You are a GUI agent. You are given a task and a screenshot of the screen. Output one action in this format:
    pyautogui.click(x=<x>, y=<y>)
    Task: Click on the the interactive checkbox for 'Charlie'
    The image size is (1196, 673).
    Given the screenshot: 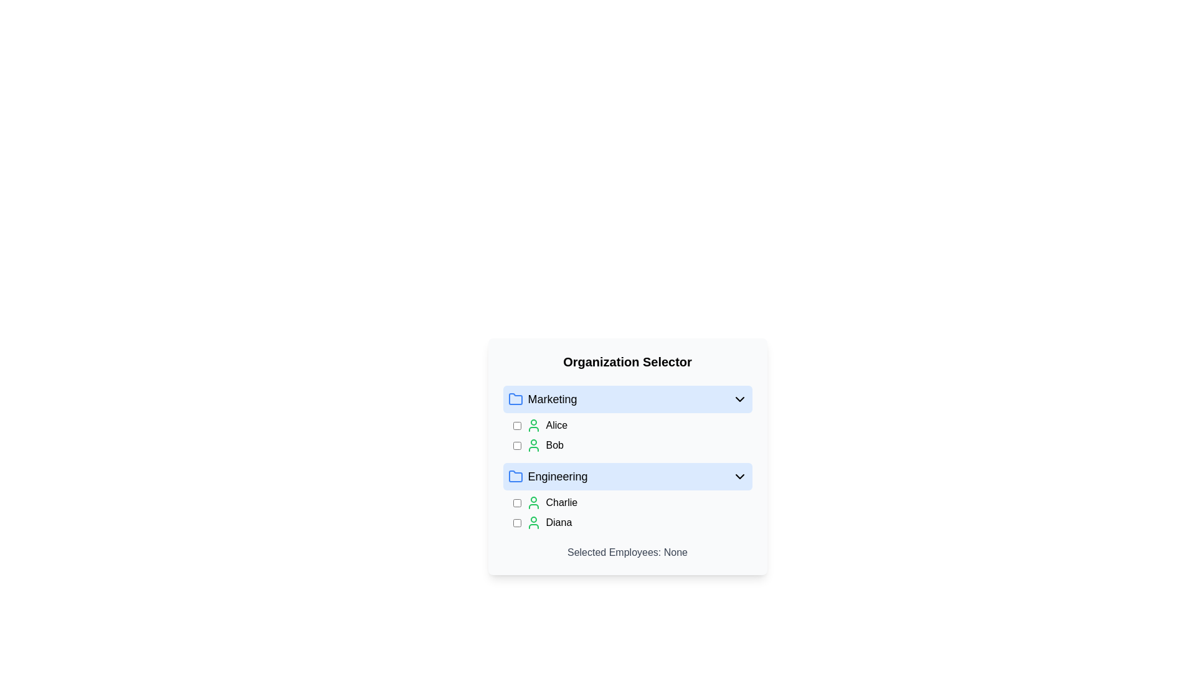 What is the action you would take?
    pyautogui.click(x=517, y=502)
    